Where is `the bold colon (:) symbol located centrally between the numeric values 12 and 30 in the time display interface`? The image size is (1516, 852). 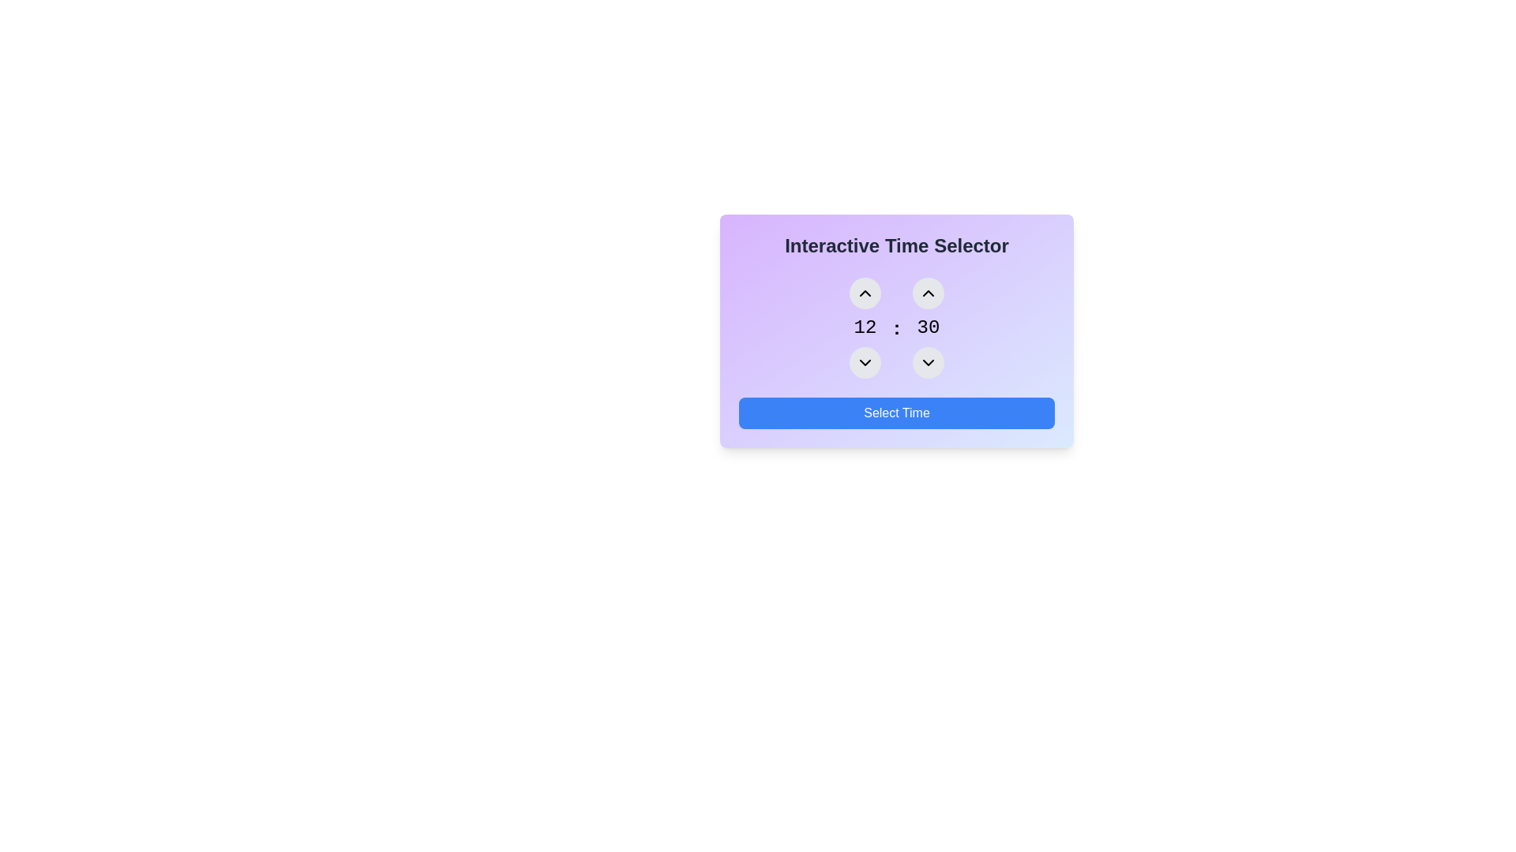
the bold colon (:) symbol located centrally between the numeric values 12 and 30 in the time display interface is located at coordinates (897, 327).